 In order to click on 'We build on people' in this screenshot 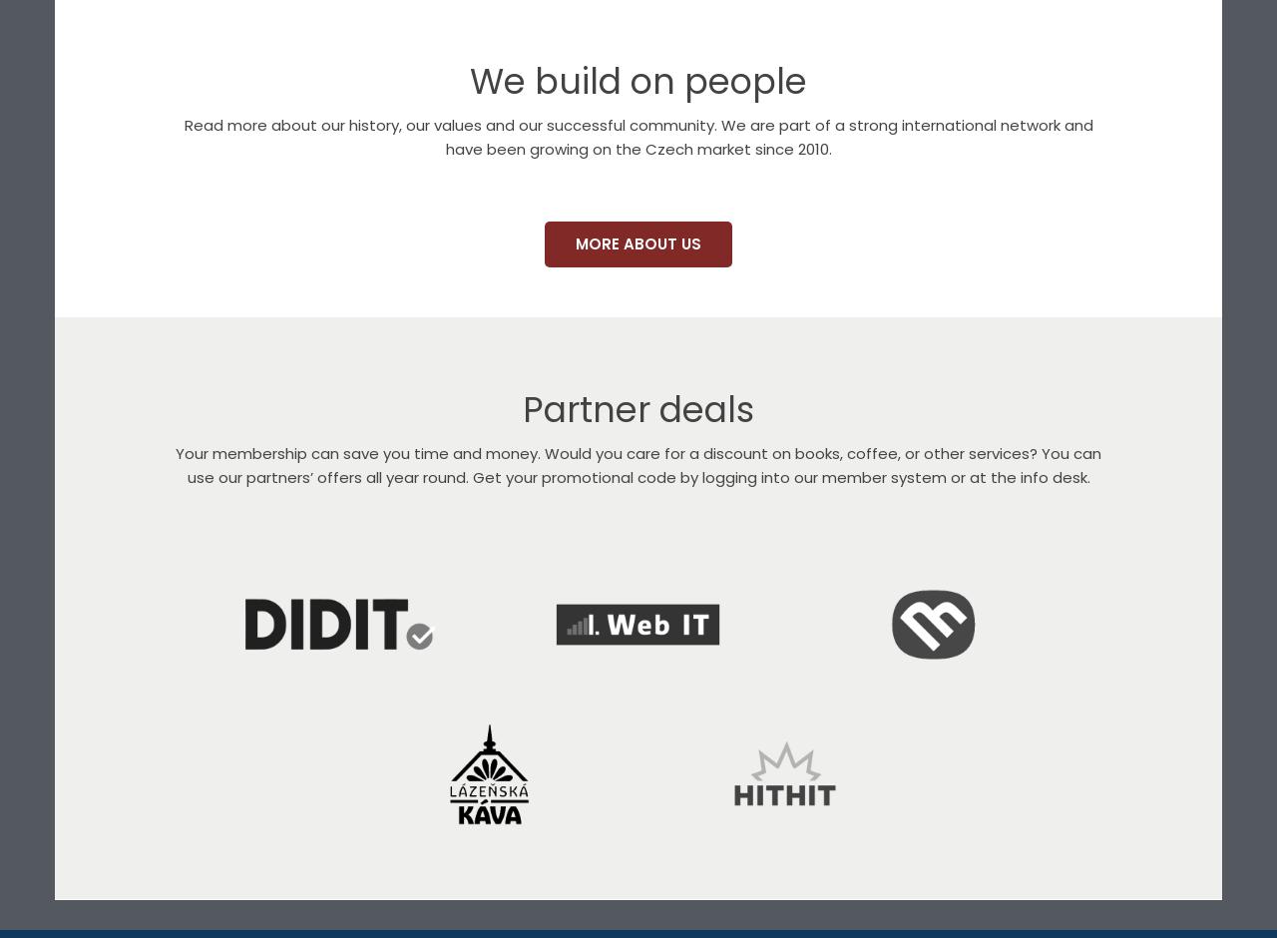, I will do `click(638, 81)`.